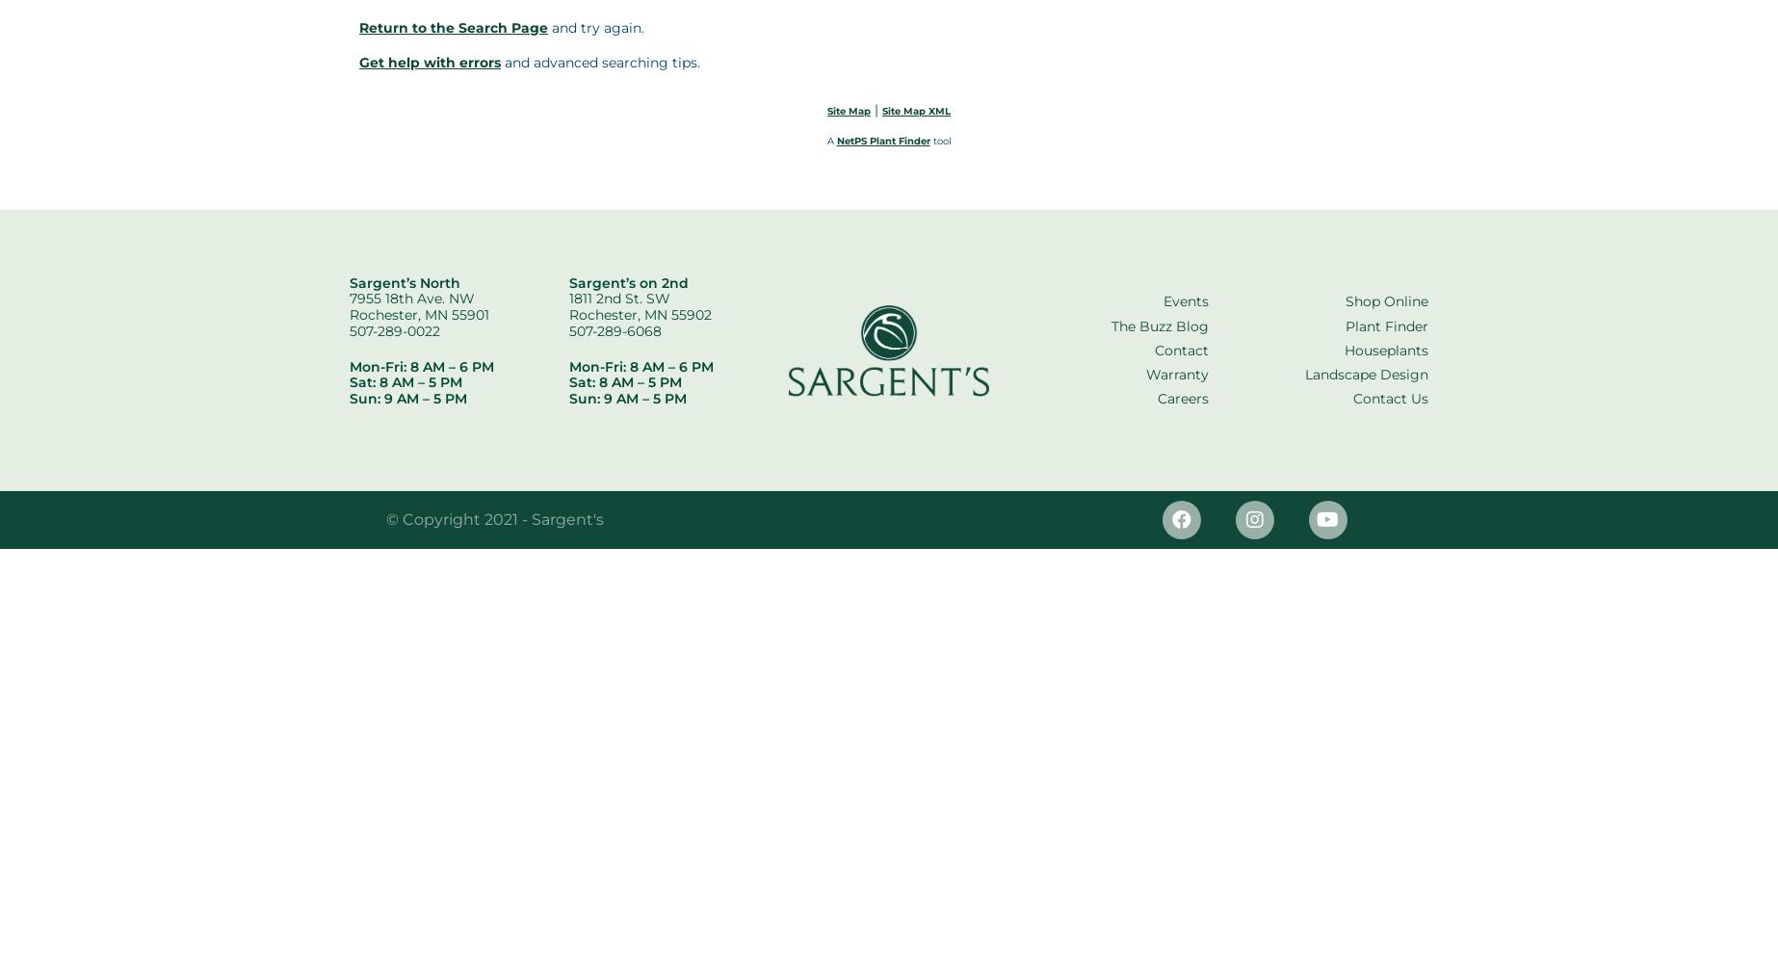 This screenshot has height=963, width=1778. Describe the element at coordinates (1160, 325) in the screenshot. I see `'The Buzz Blog'` at that location.